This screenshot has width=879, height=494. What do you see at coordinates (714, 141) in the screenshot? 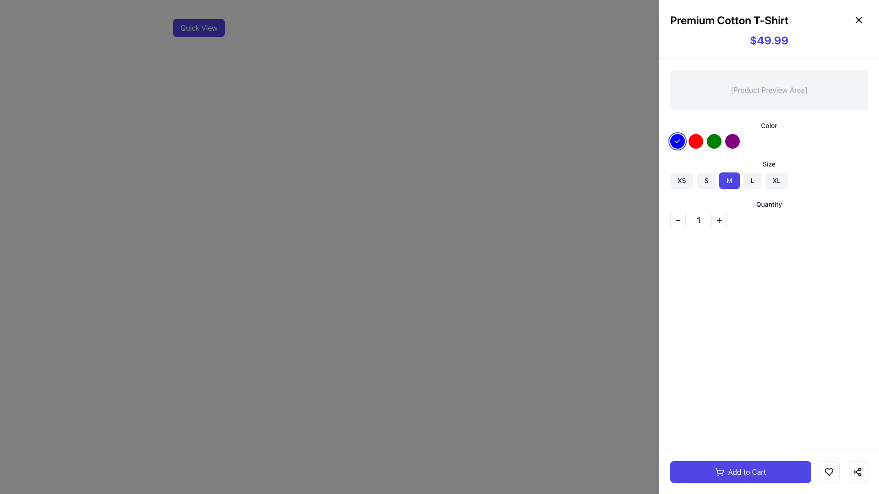
I see `the fourth circular color selection button with a green background, located under the 'Color' section, to potentially reveal a tooltip` at bounding box center [714, 141].